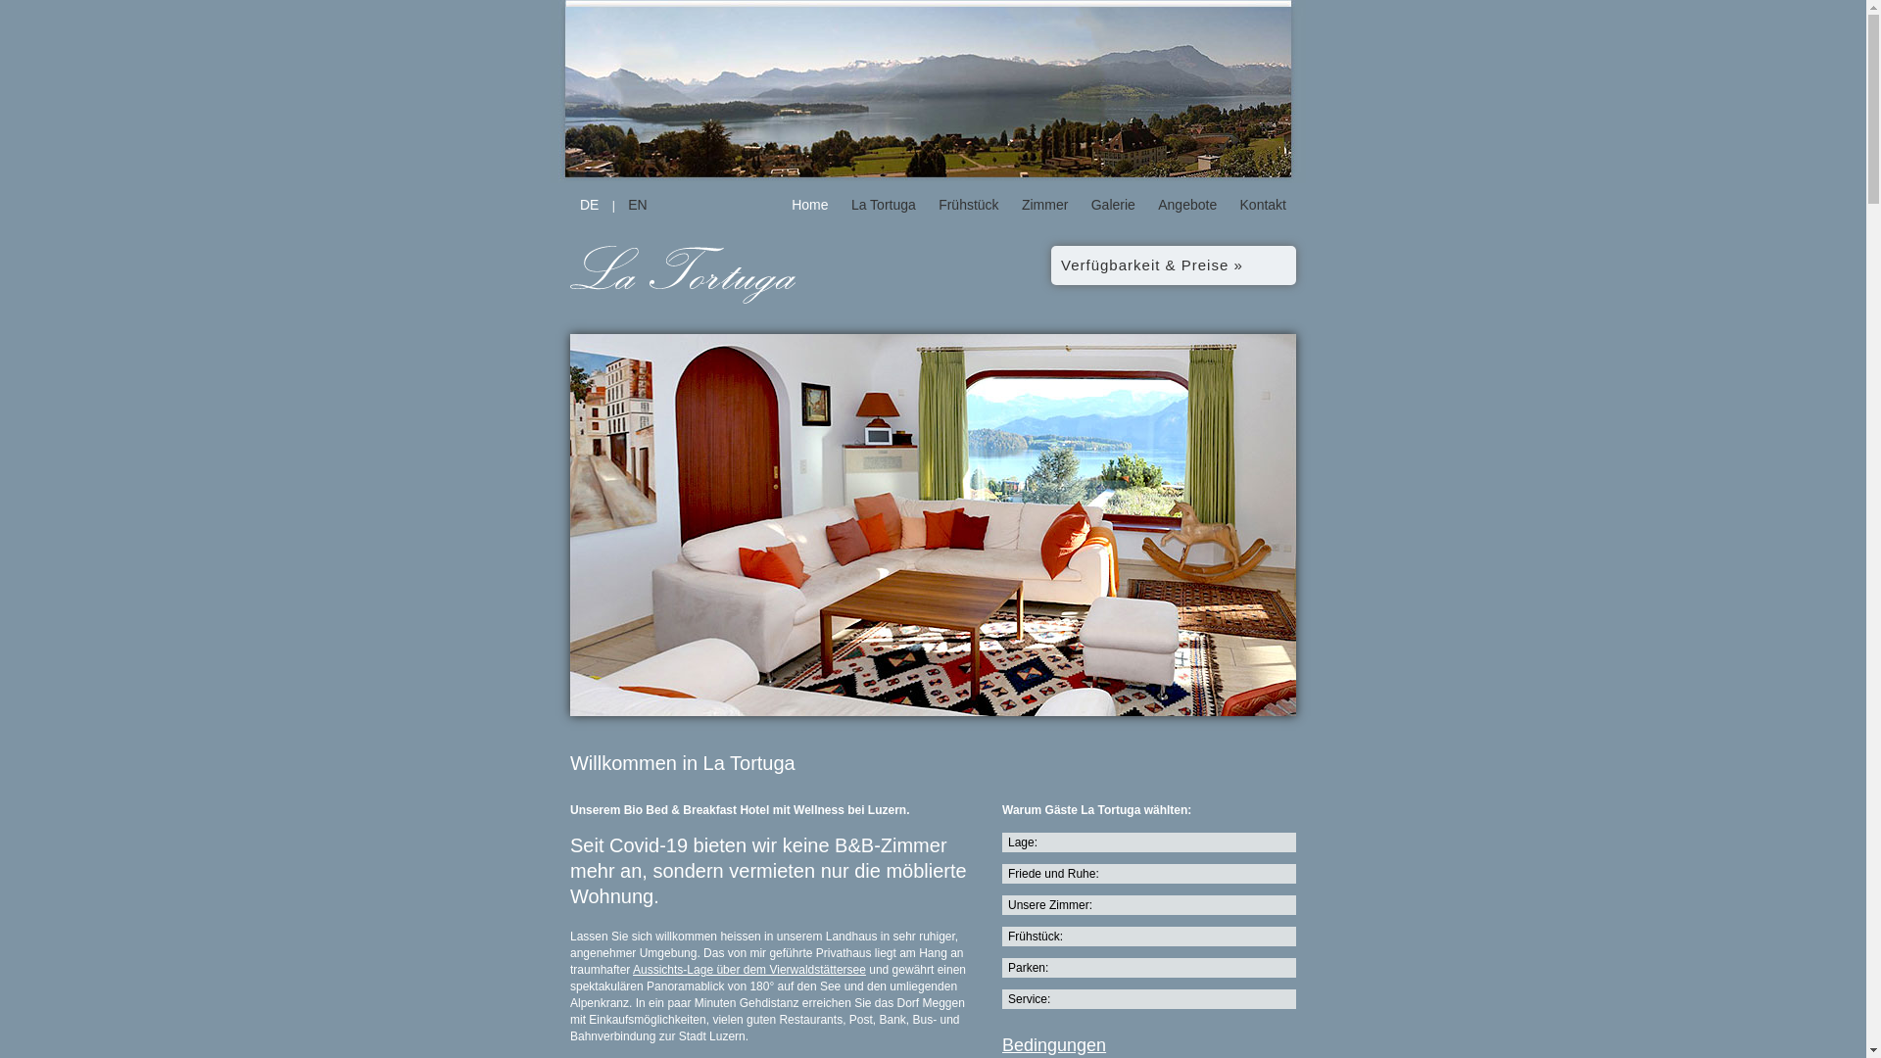 The image size is (1881, 1058). Describe the element at coordinates (883, 204) in the screenshot. I see `'La Tortuga'` at that location.